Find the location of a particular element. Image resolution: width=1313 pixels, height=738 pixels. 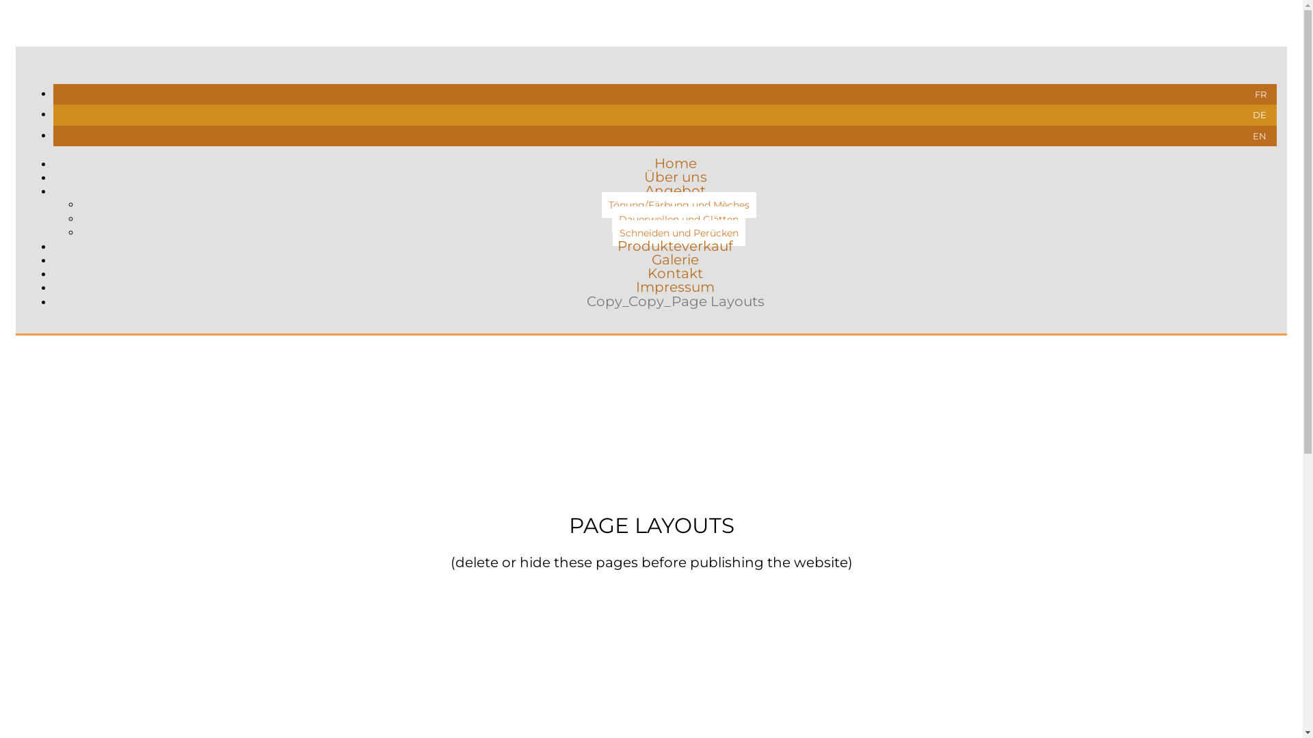

'Galerie' is located at coordinates (675, 260).